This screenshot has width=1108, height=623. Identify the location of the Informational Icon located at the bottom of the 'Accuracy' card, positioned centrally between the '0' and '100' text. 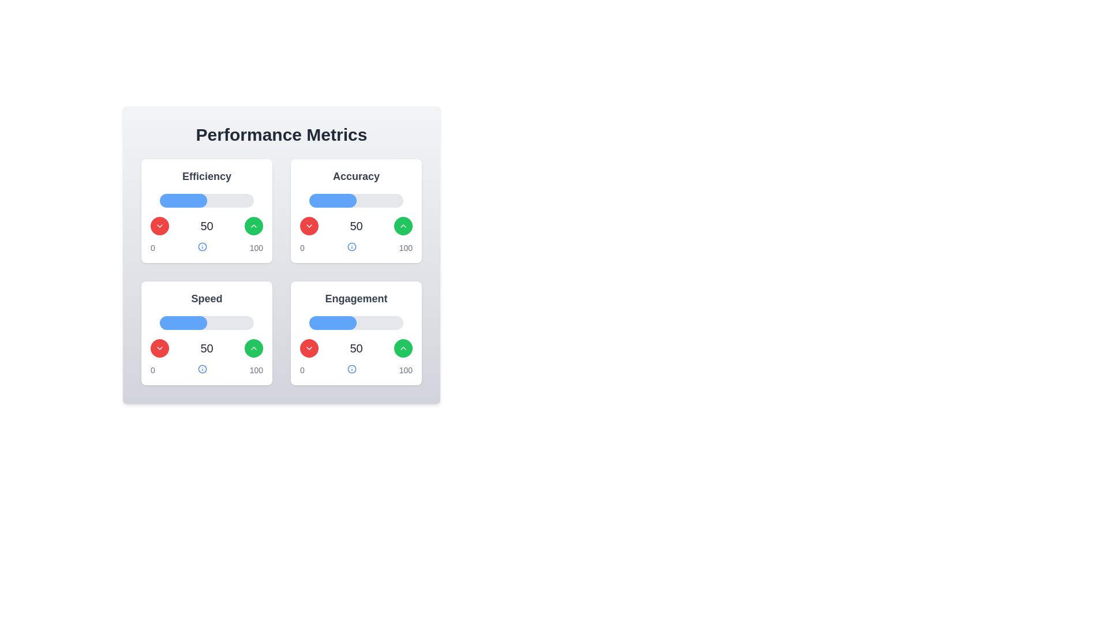
(351, 246).